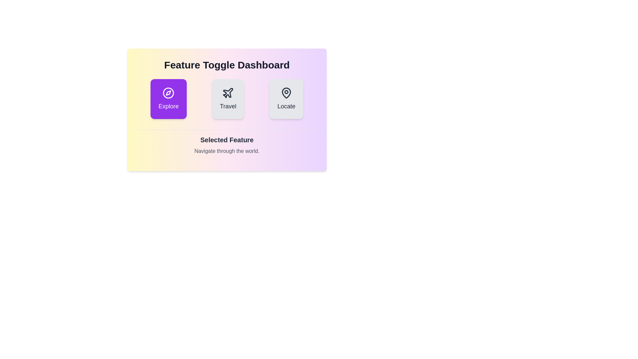 Image resolution: width=638 pixels, height=359 pixels. I want to click on the button corresponding to the feature Locate, so click(286, 99).